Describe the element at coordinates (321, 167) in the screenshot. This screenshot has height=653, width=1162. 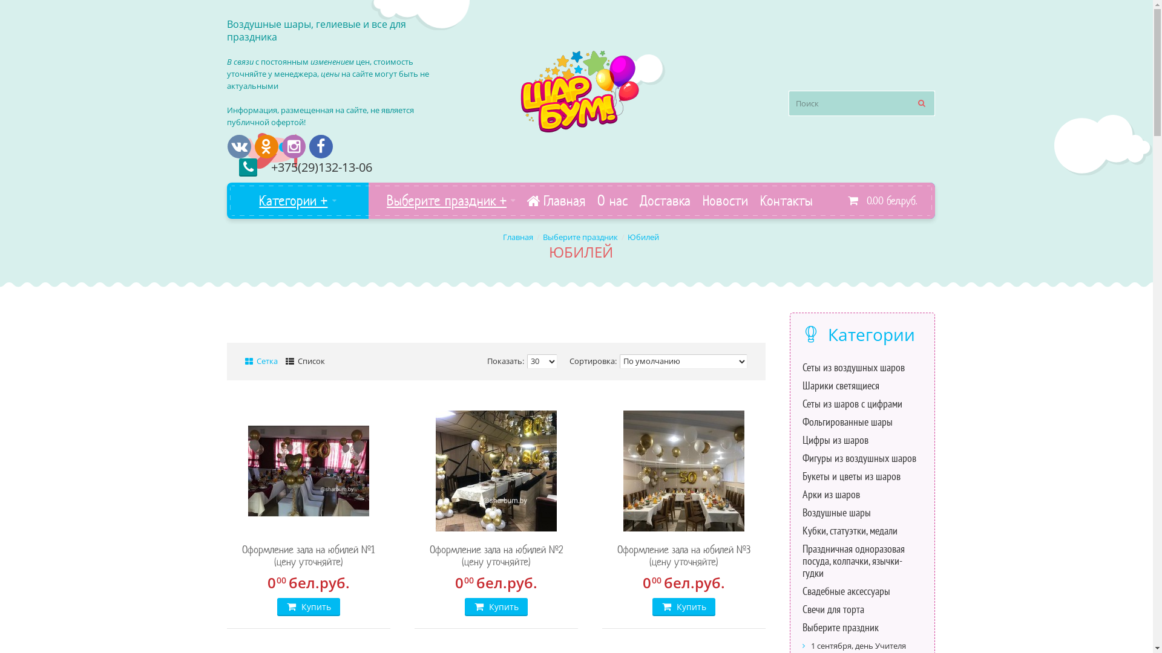
I see `'+375(29)132-13-06'` at that location.